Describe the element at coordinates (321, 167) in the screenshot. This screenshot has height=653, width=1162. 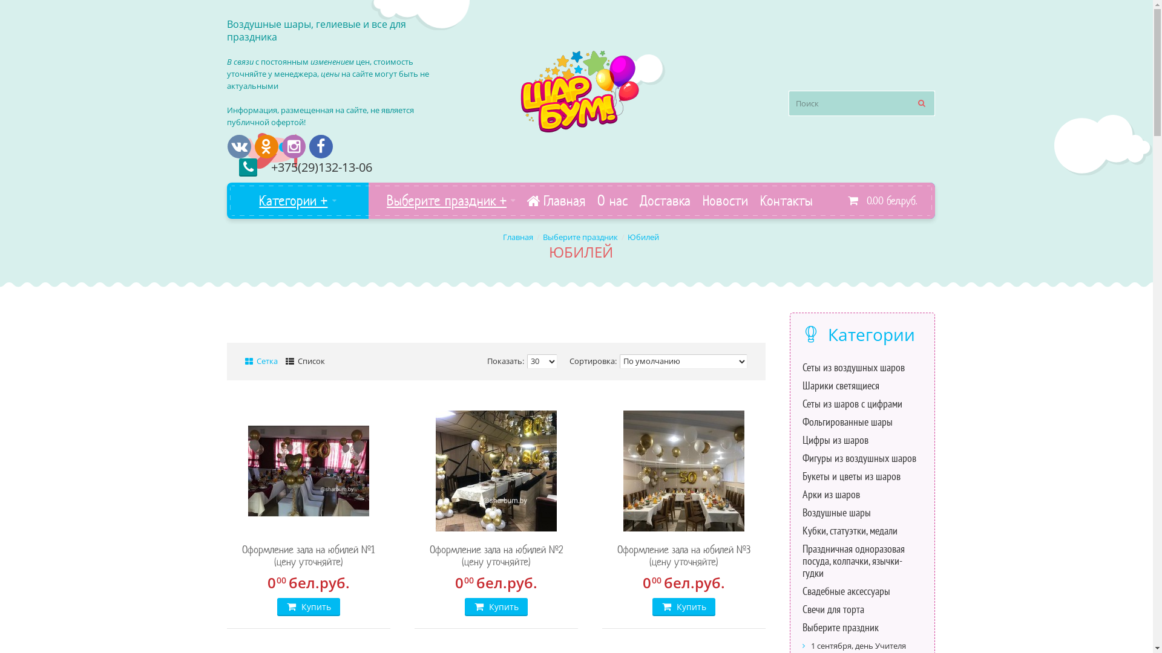
I see `'+375(29)132-13-06'` at that location.